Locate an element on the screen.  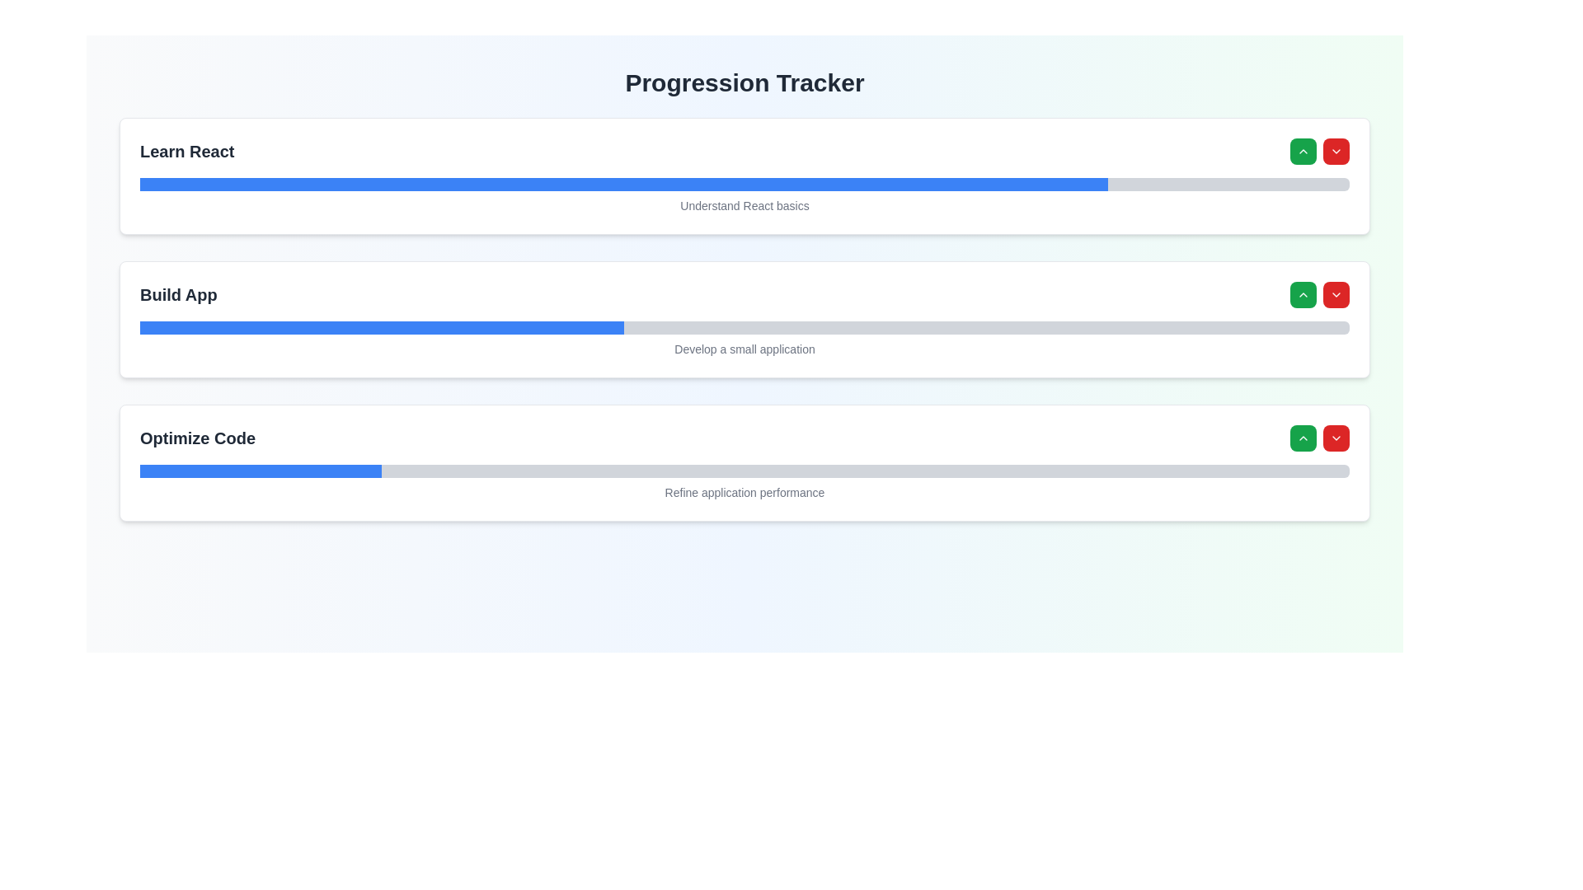
the green button located in the 'Learn React' section, positioned in the top-right corner next to a blue progress bar is located at coordinates (1320, 152).